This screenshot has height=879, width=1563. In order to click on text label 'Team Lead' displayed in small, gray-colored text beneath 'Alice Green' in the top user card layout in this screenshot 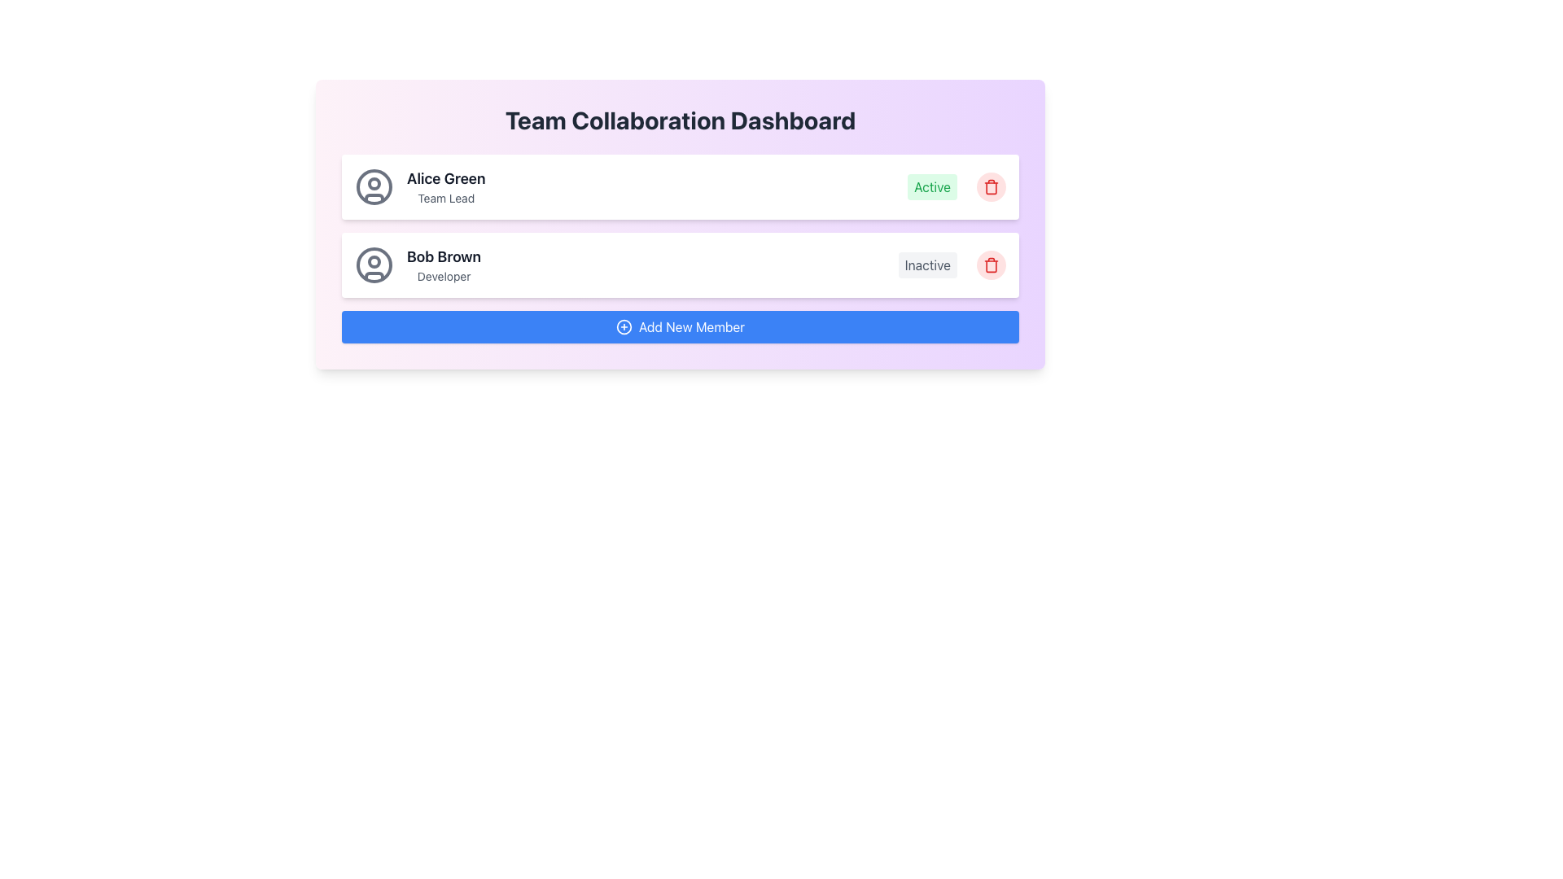, I will do `click(446, 197)`.